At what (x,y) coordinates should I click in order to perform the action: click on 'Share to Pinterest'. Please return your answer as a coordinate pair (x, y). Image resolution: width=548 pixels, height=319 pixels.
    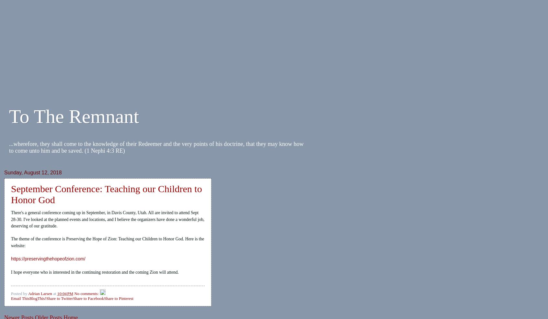
    Looking at the image, I should click on (119, 298).